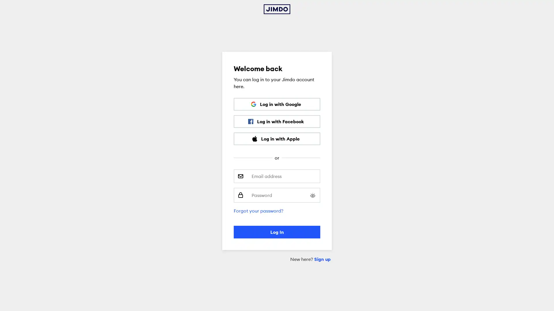  Describe the element at coordinates (312, 195) in the screenshot. I see `Show password` at that location.